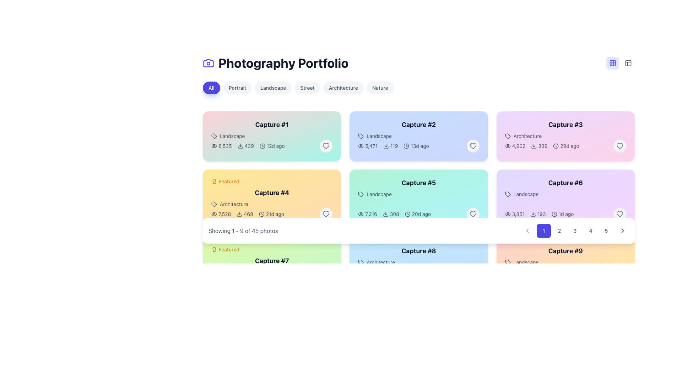 The image size is (682, 383). What do you see at coordinates (271, 214) in the screenshot?
I see `the textual metadata with icons located in the bottom section of the 'Capture #4' card, which indicates views, downloads, and time passed` at bounding box center [271, 214].